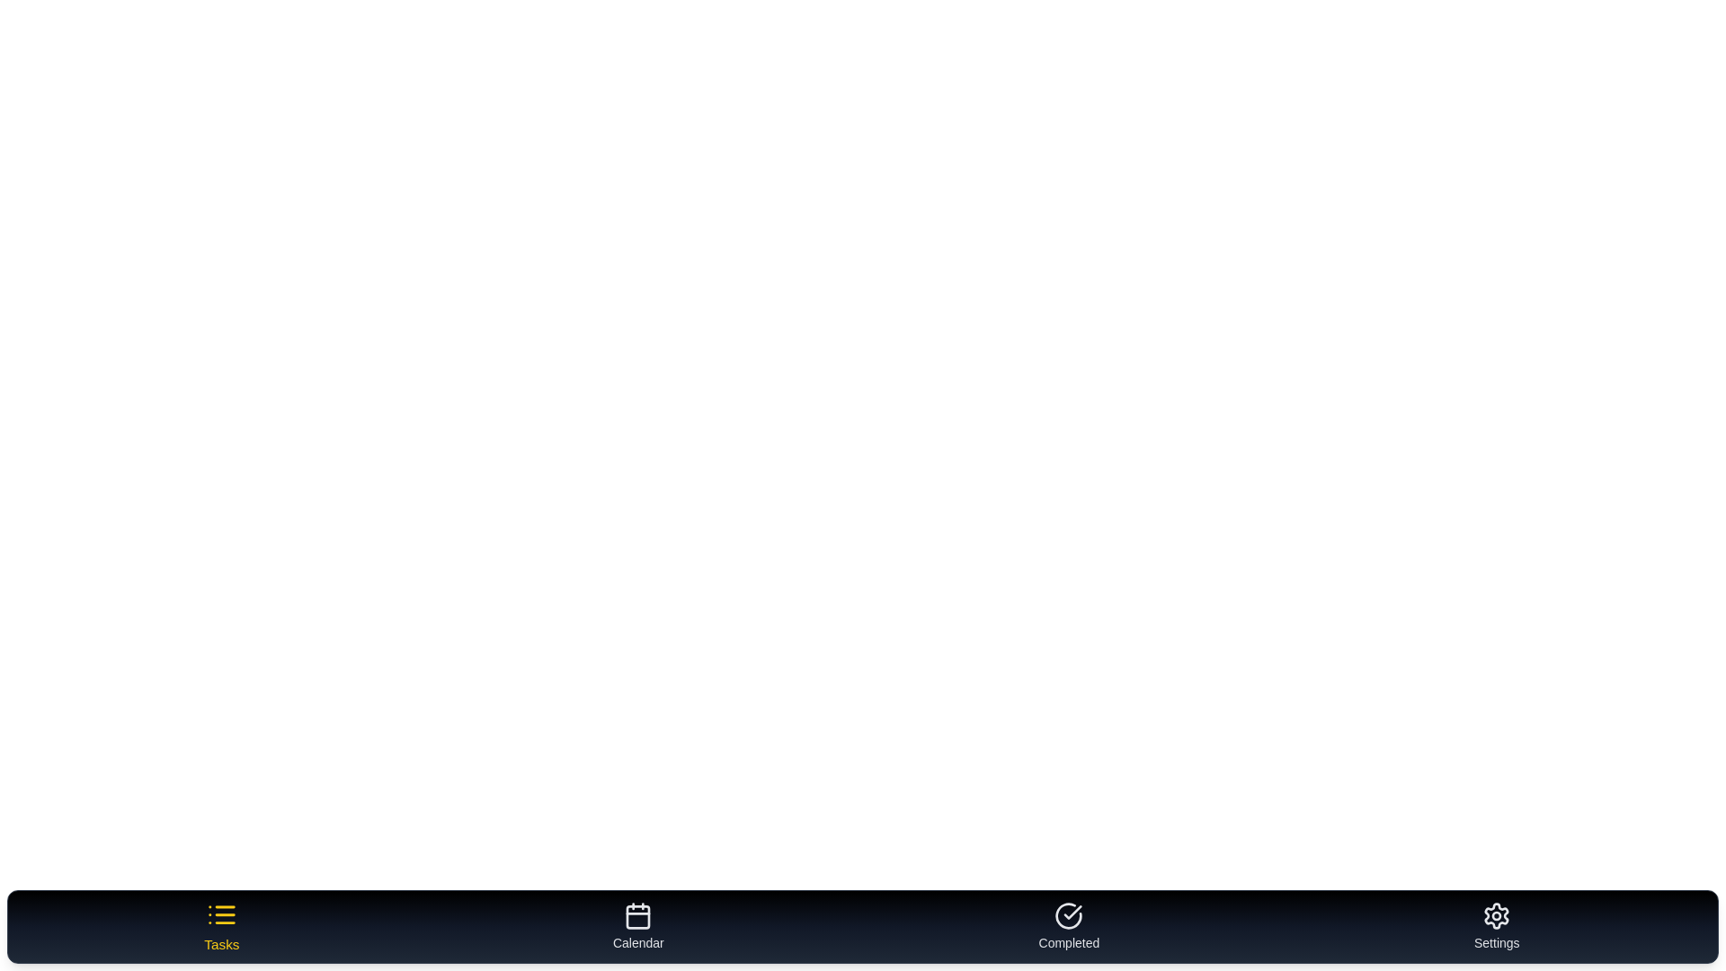 The image size is (1726, 971). I want to click on the Calendar tab by clicking on it, so click(638, 926).